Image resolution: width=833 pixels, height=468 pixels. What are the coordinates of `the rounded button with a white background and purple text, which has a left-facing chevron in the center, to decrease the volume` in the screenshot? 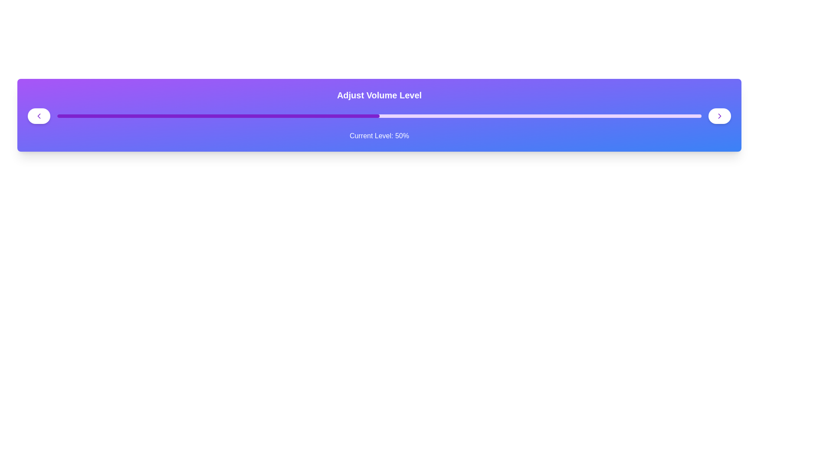 It's located at (39, 115).